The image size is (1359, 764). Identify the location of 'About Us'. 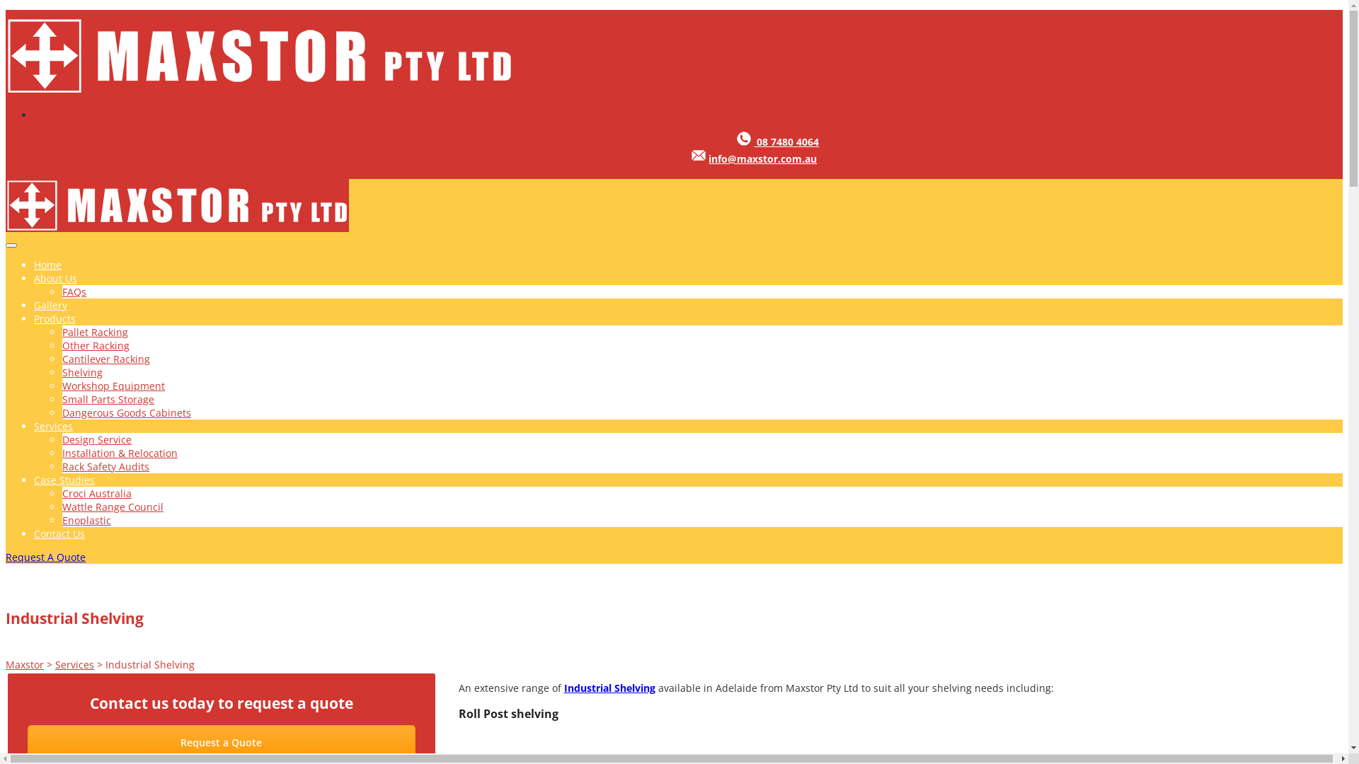
(34, 278).